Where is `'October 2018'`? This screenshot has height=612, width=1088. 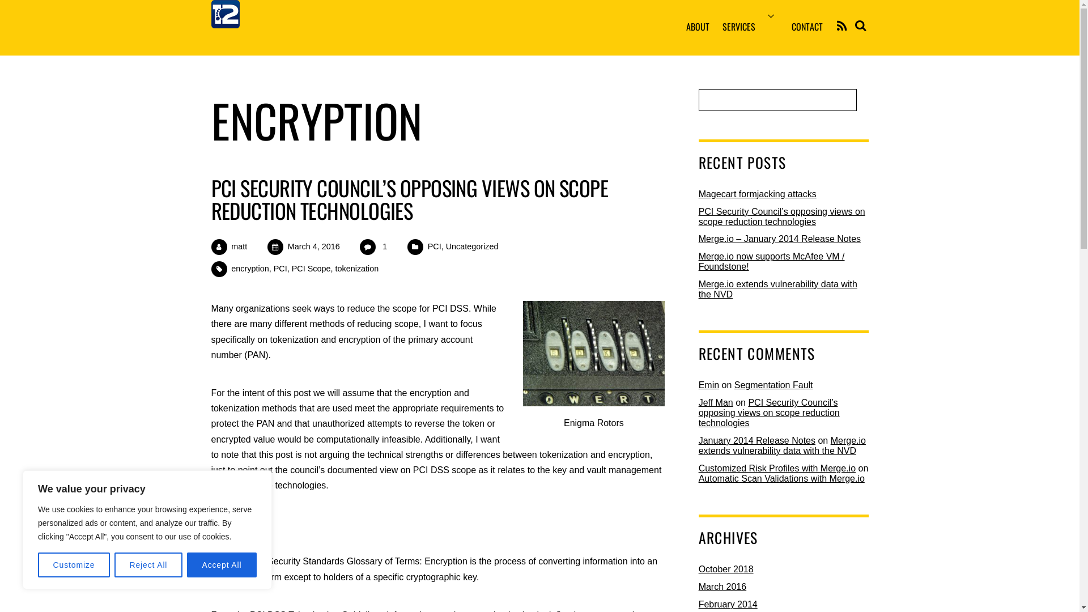
'October 2018' is located at coordinates (726, 569).